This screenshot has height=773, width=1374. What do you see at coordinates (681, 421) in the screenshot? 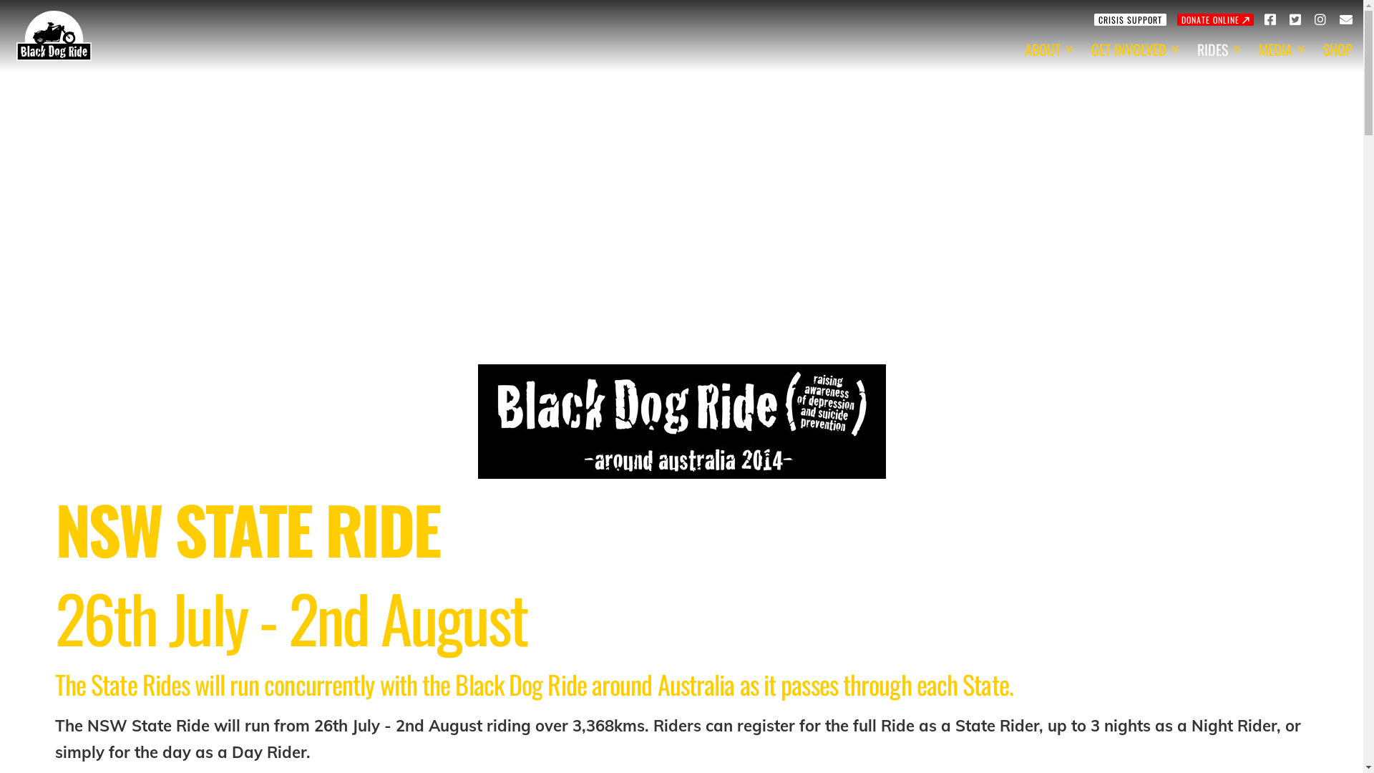
I see `'Black Dog Ride Around Australia - NSW State Ride'` at bounding box center [681, 421].